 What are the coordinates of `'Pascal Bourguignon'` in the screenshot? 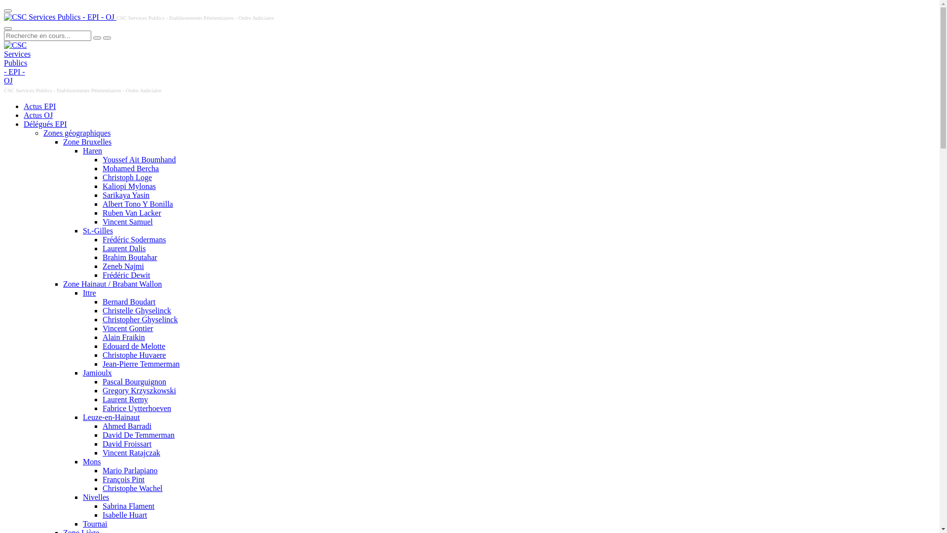 It's located at (134, 381).